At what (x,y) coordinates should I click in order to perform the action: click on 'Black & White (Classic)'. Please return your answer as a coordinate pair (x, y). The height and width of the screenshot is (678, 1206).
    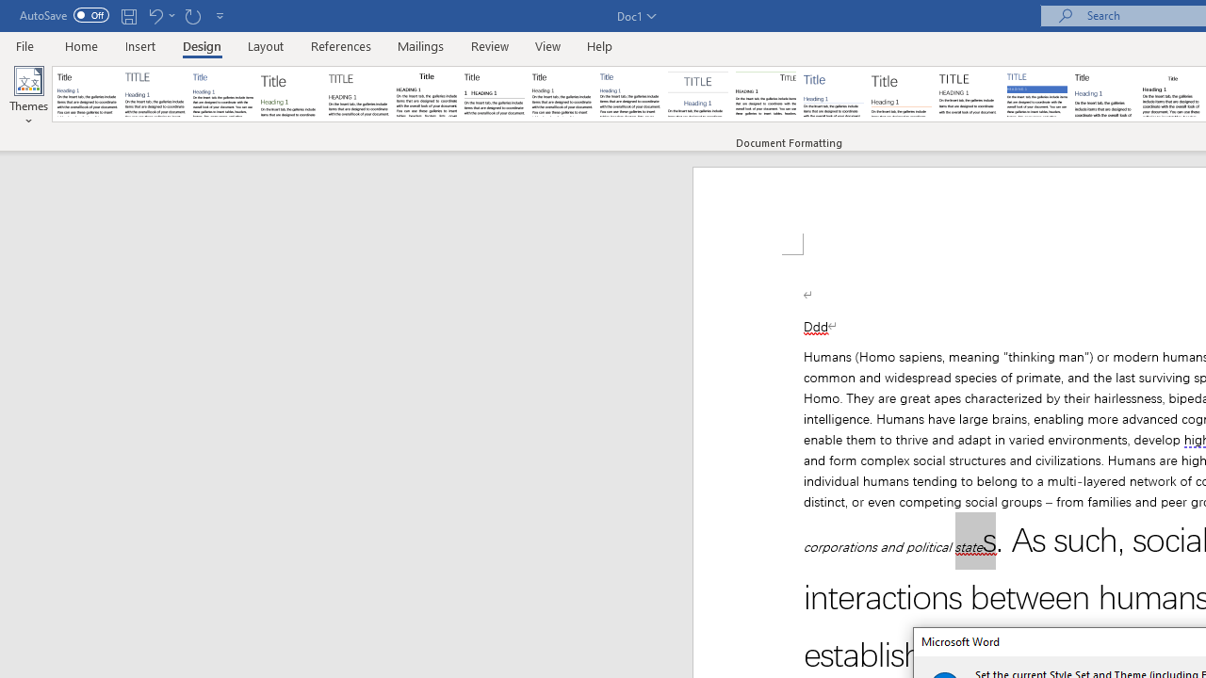
    Looking at the image, I should click on (426, 94).